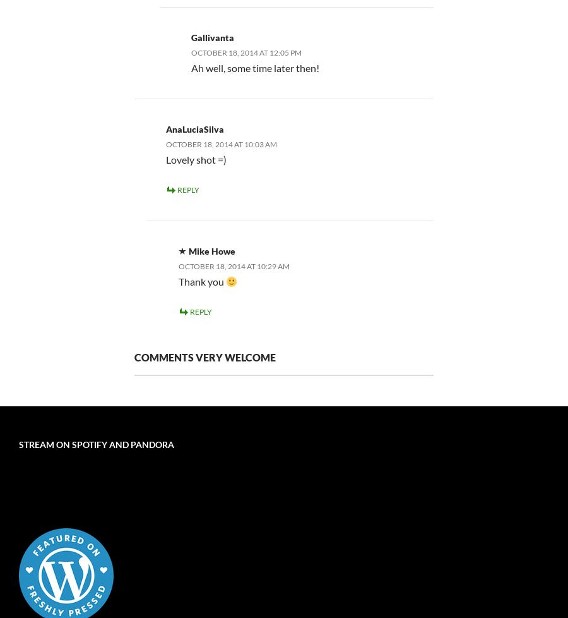 Image resolution: width=568 pixels, height=618 pixels. What do you see at coordinates (196, 158) in the screenshot?
I see `'Lovely shot =)'` at bounding box center [196, 158].